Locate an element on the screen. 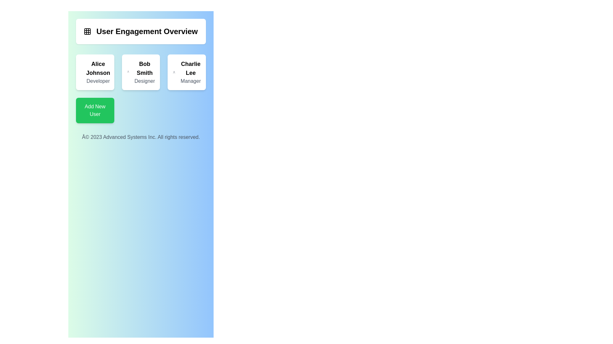 This screenshot has width=613, height=344. the 'Manager' text label located below 'Charlie Lee' in the user card to potentially view additional information is located at coordinates (190, 81).